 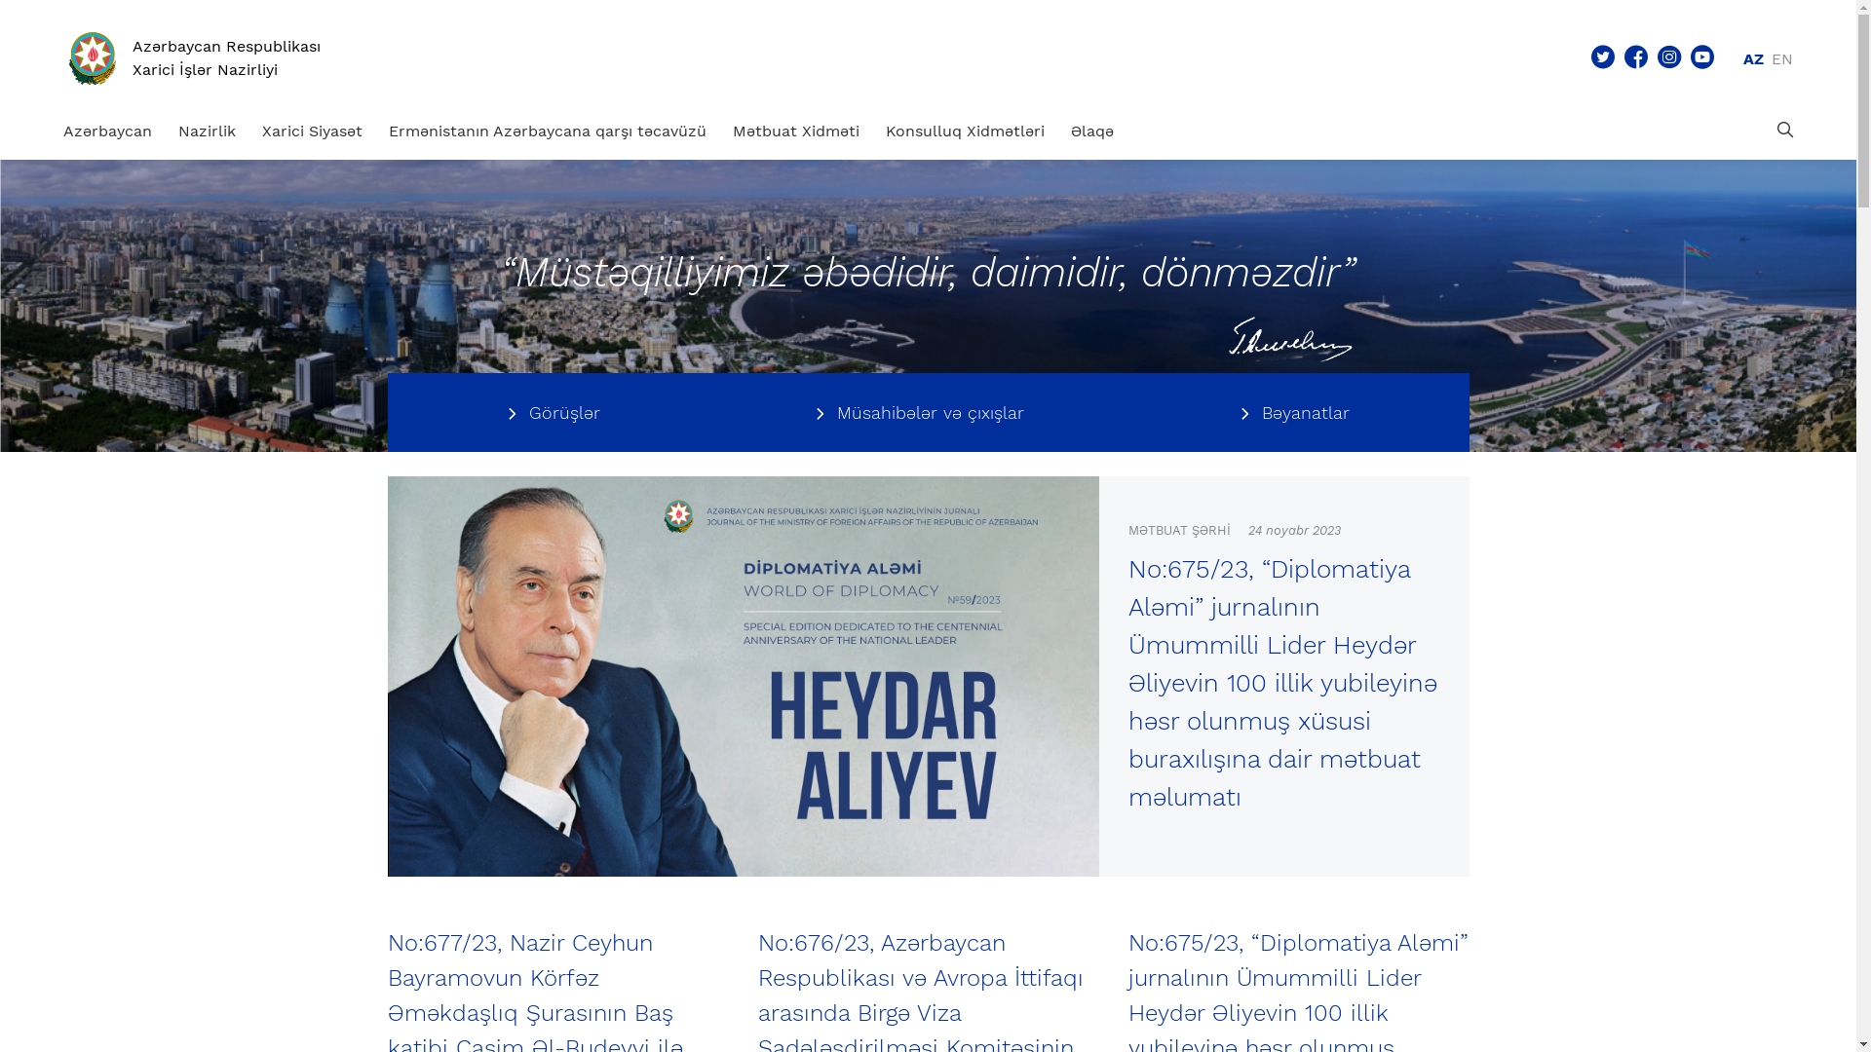 I want to click on 'Nazirlik', so click(x=207, y=131).